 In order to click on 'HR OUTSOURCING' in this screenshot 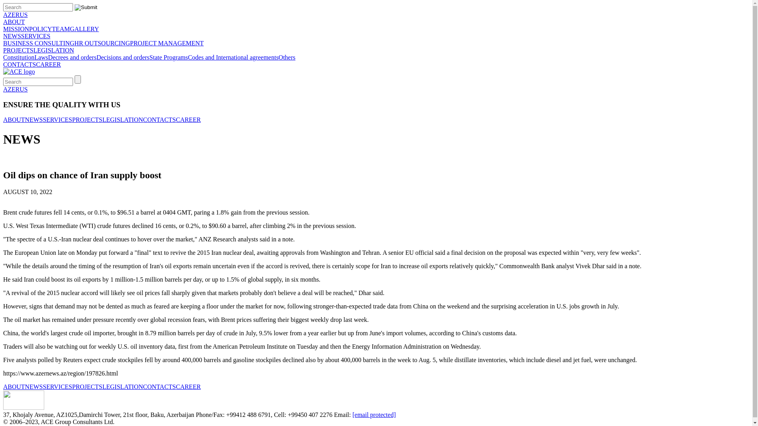, I will do `click(101, 43)`.